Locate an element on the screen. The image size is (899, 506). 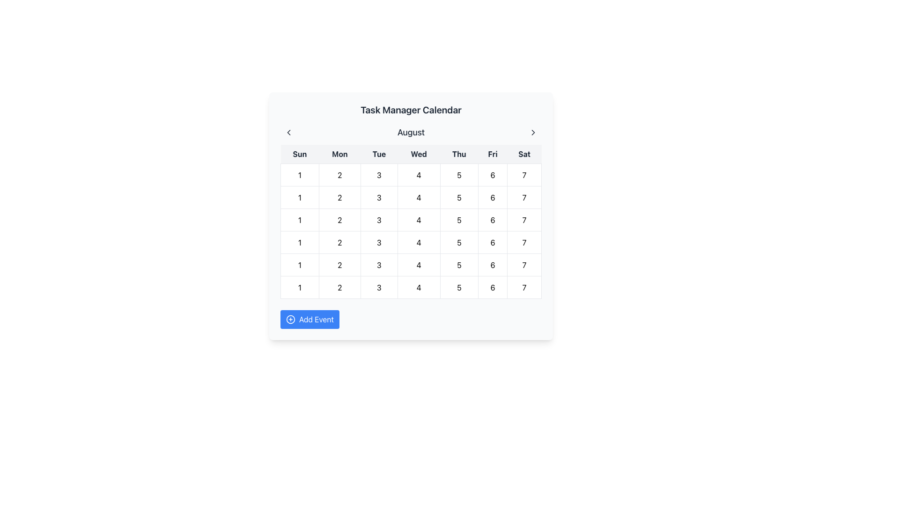
the calendar cell representing day 1 (Sunday) is located at coordinates (300, 265).